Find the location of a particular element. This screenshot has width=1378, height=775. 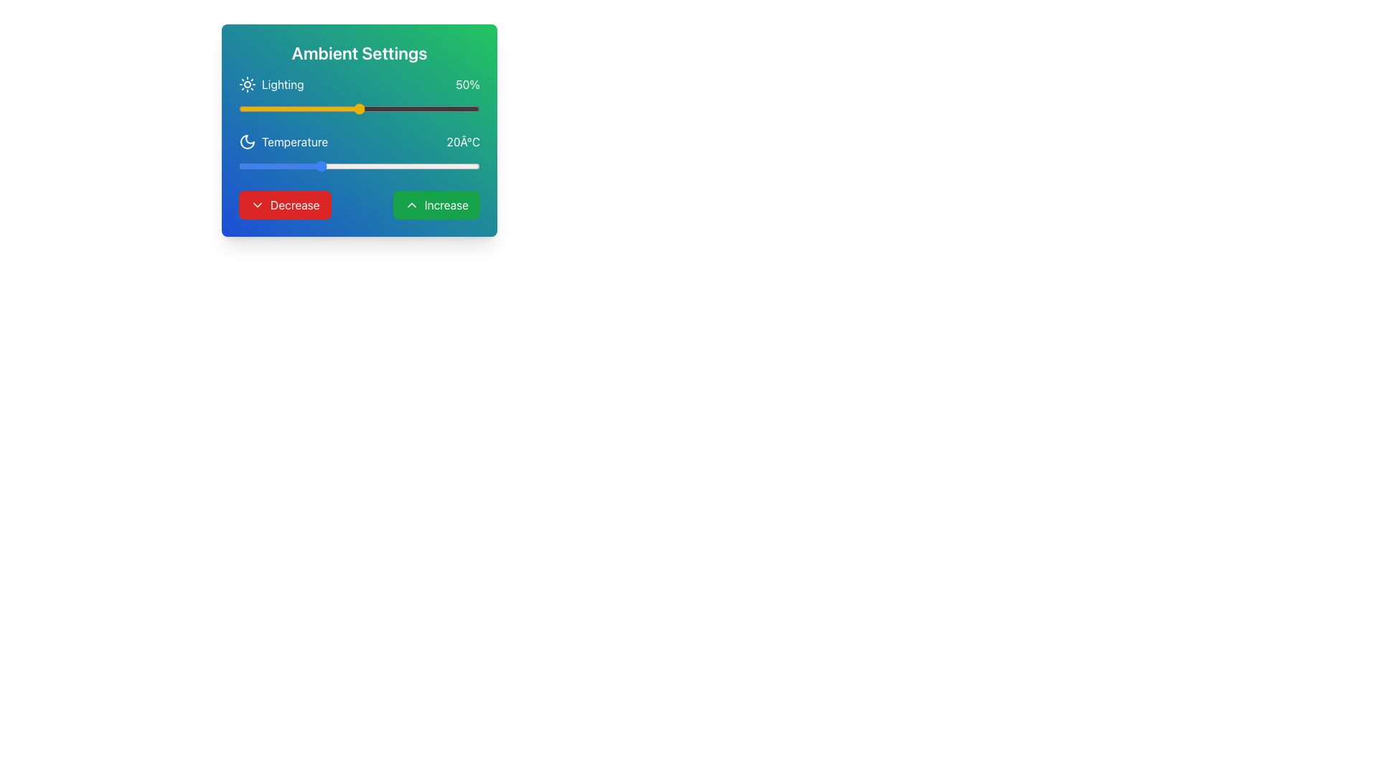

the Temperature control widget located within the 'Ambient Settings' card, which allows users to adjust the temperature setting is located at coordinates (359, 153).